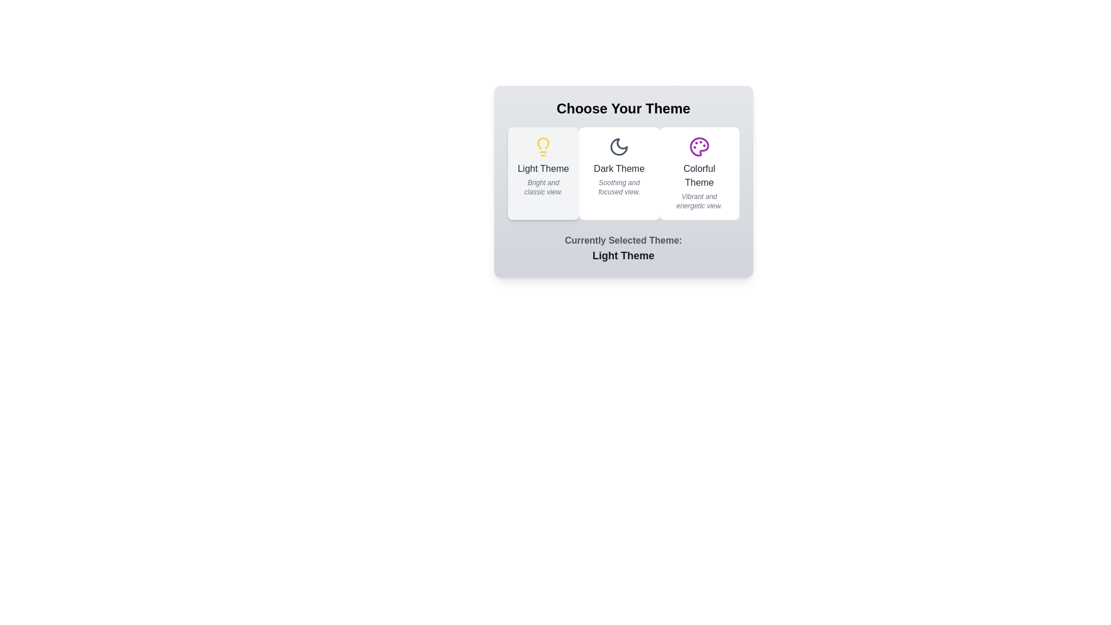  What do you see at coordinates (699, 174) in the screenshot?
I see `the description text of the theme by selecting Colorful Theme` at bounding box center [699, 174].